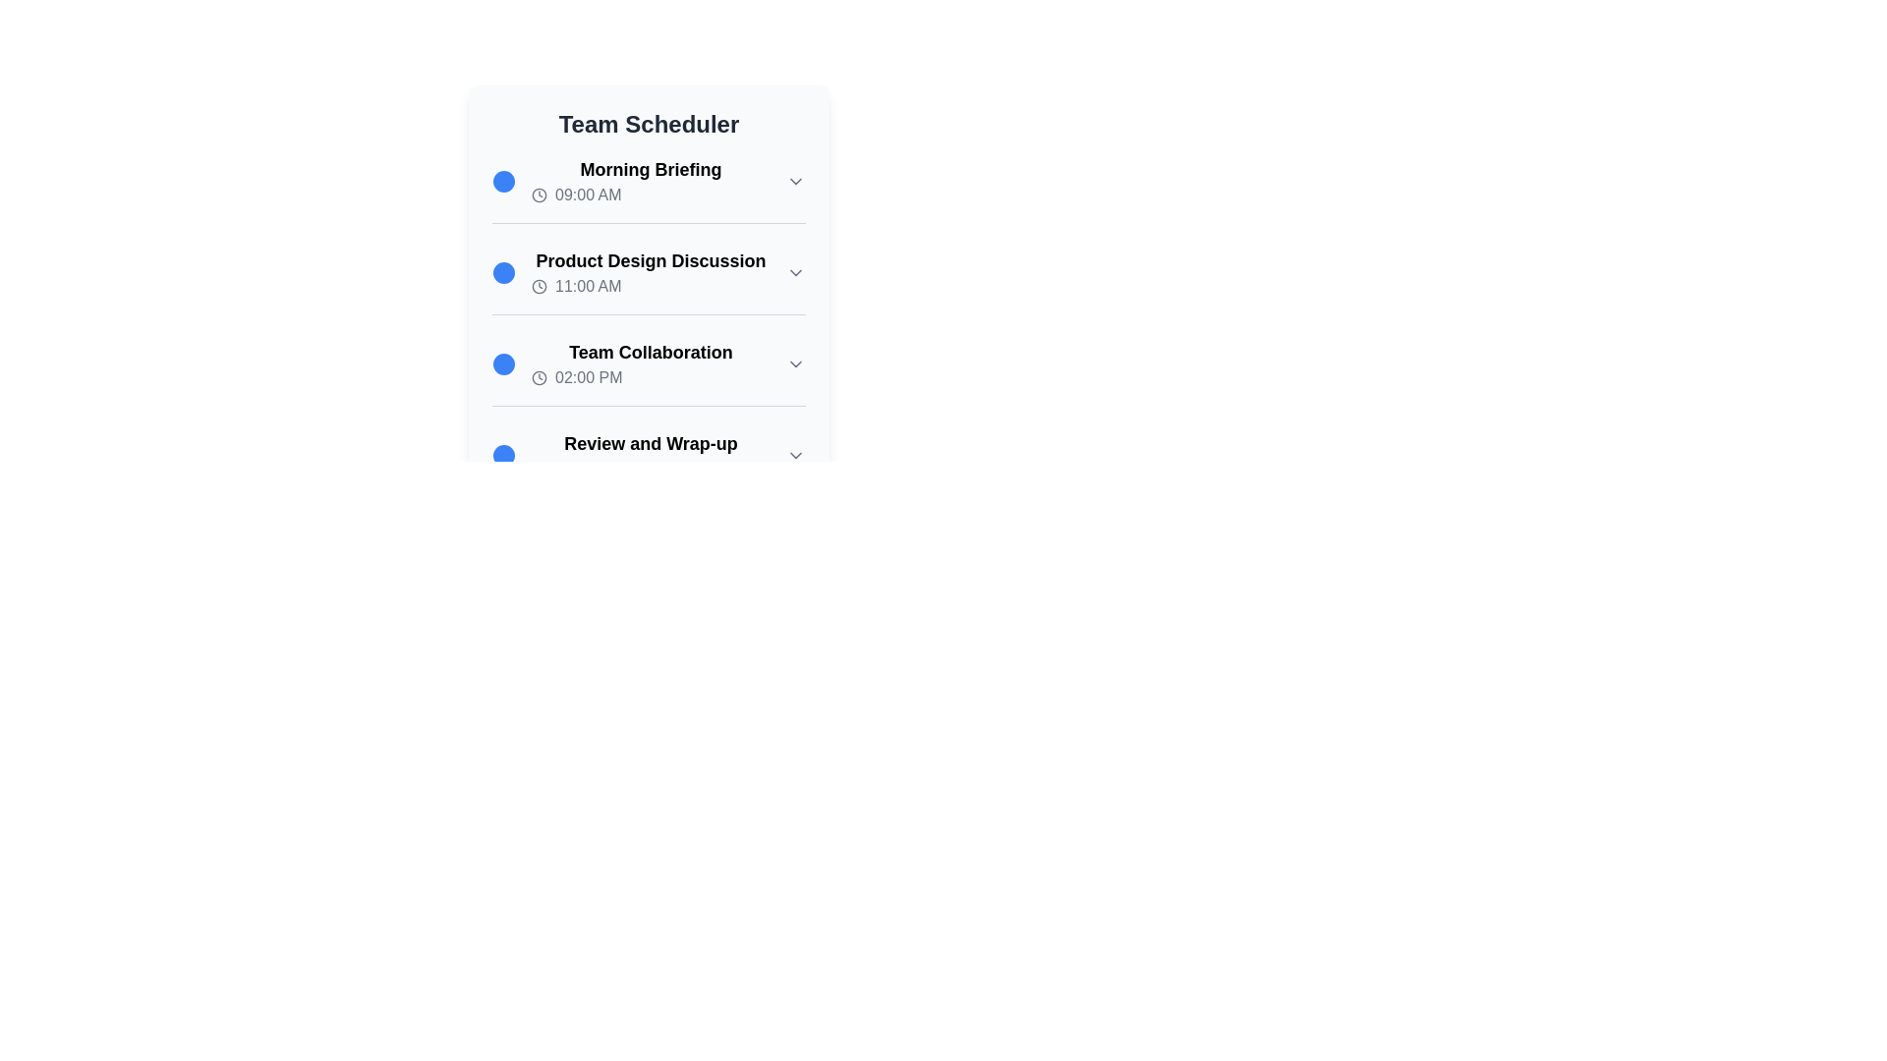 The image size is (1887, 1061). What do you see at coordinates (649, 455) in the screenshot?
I see `the downward-facing arrow of the fourth list item titled 'Review and Wrap-up'` at bounding box center [649, 455].